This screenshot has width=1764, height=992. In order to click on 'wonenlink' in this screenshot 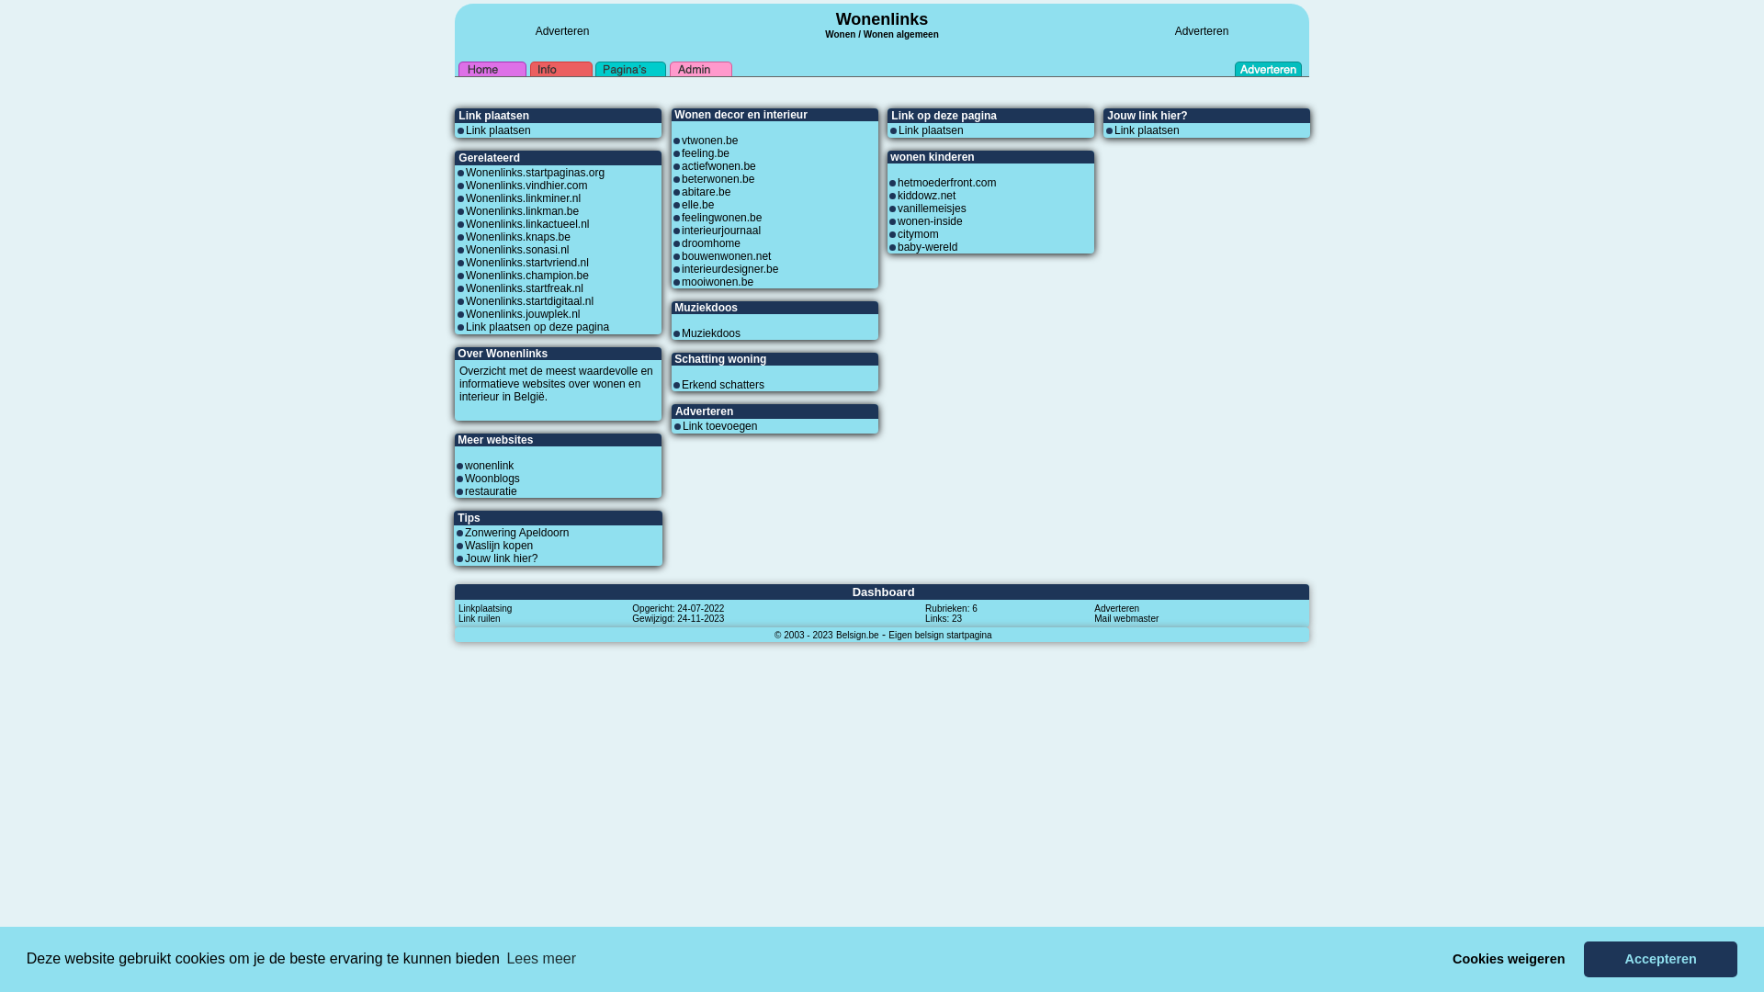, I will do `click(464, 464)`.